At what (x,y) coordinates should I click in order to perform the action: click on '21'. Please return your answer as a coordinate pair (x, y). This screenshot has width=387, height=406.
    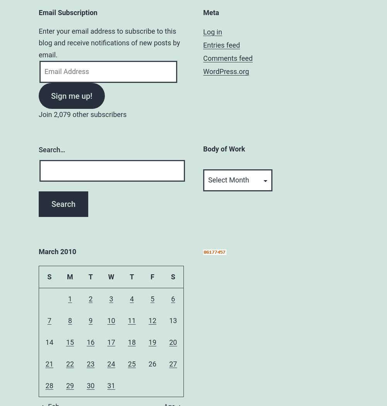
    Looking at the image, I should click on (45, 363).